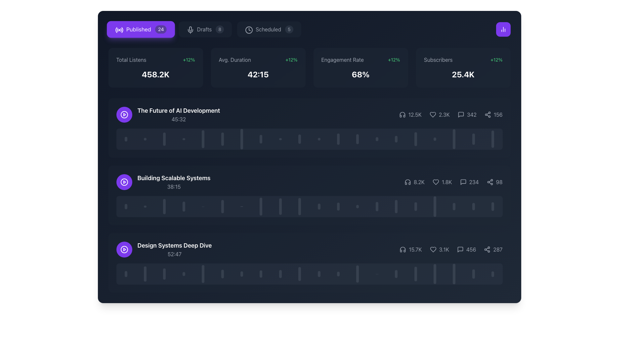  I want to click on the title label for the item 'Design Systems Deep Dive', which is positioned above the duration text '52:47' in the vertically stacked list, so click(175, 246).